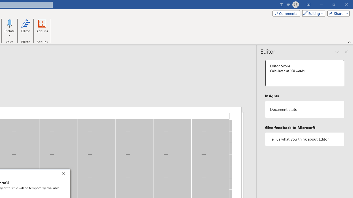  Describe the element at coordinates (346, 52) in the screenshot. I see `'Close pane'` at that location.